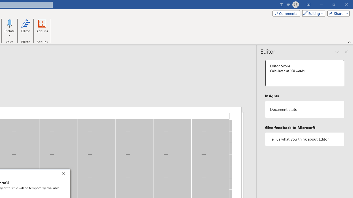  Describe the element at coordinates (346, 52) in the screenshot. I see `'Close pane'` at that location.